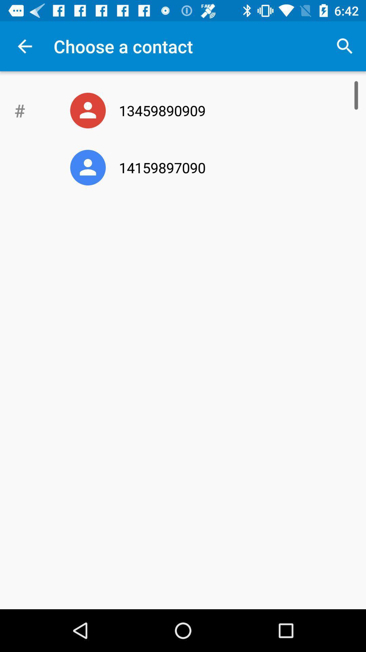 The height and width of the screenshot is (652, 366). What do you see at coordinates (345, 46) in the screenshot?
I see `item at the top right corner` at bounding box center [345, 46].